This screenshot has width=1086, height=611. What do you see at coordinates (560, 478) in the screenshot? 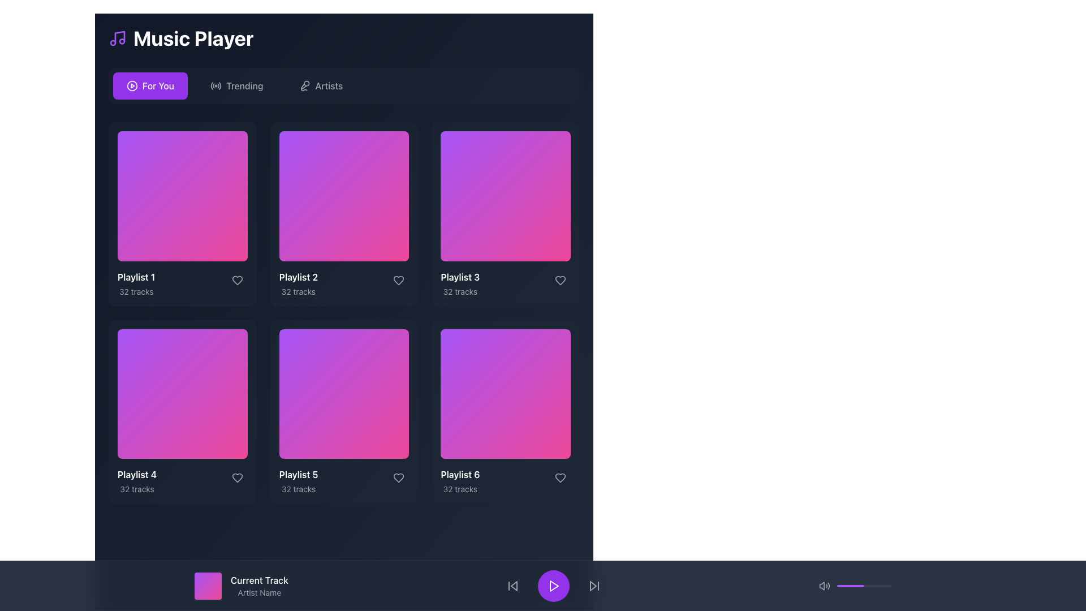
I see `the heart-shaped favorite button located at the bottom-right of 'Playlist 6'` at bounding box center [560, 478].